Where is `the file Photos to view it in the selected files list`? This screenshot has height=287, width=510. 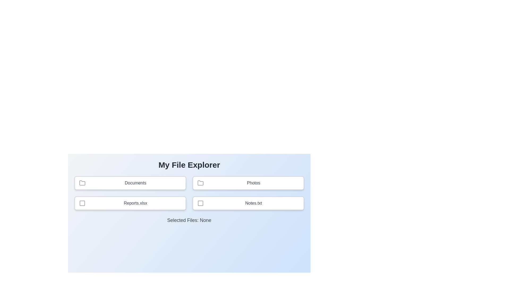 the file Photos to view it in the selected files list is located at coordinates (248, 183).